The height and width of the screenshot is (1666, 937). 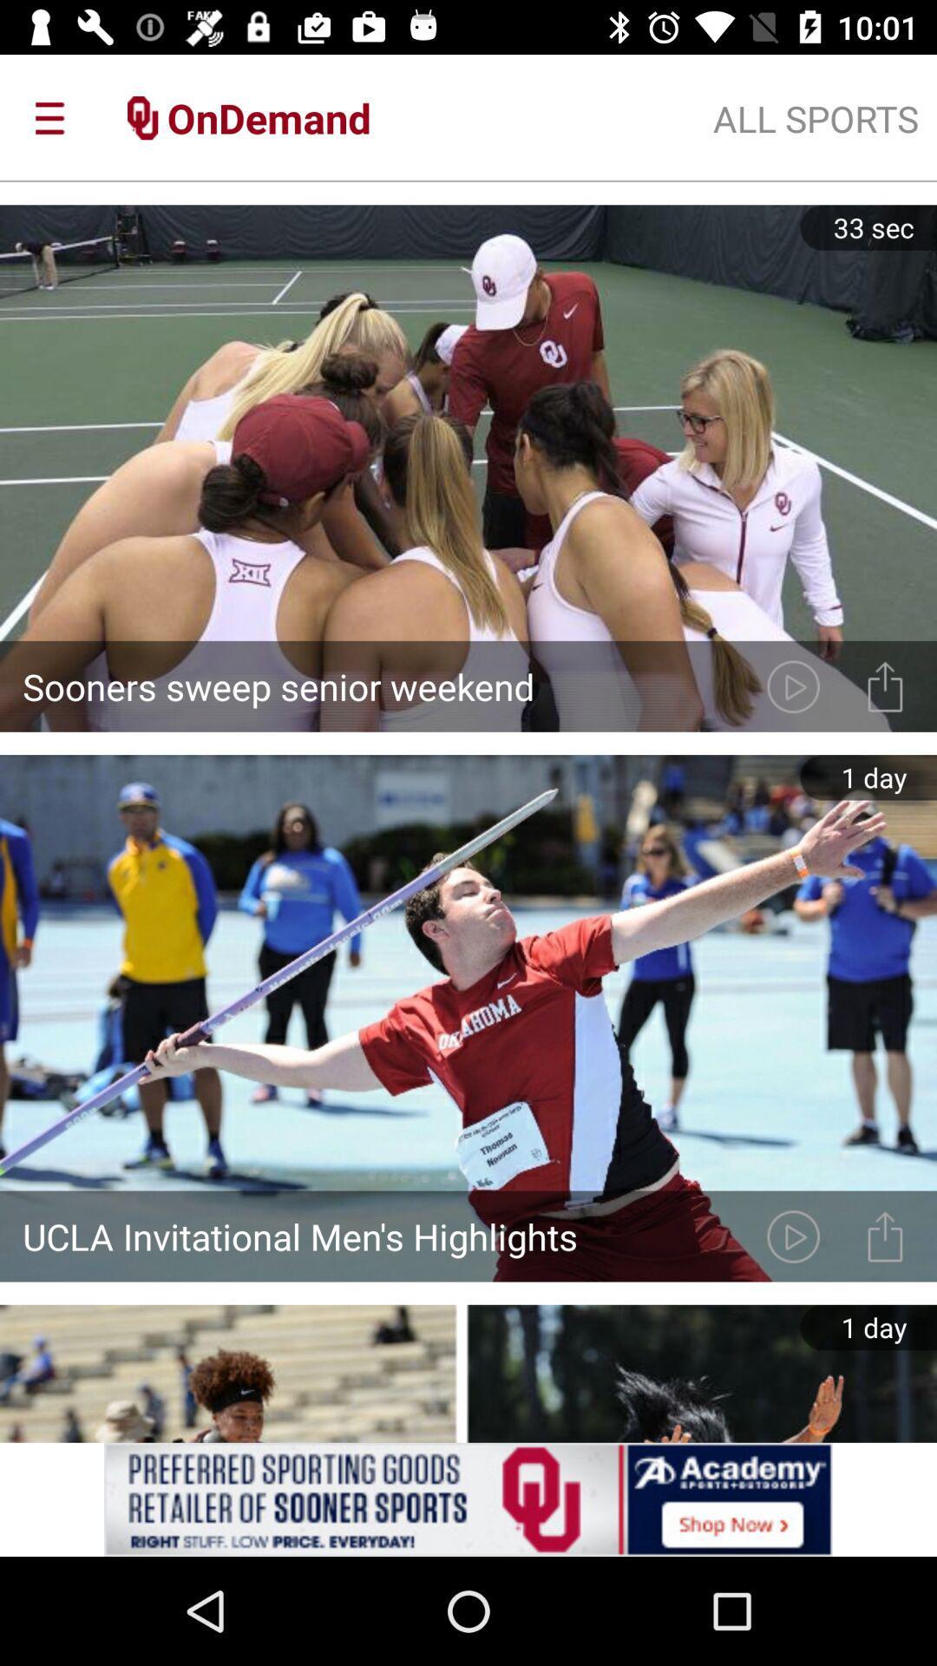 I want to click on plays the selected video clip, so click(x=793, y=685).